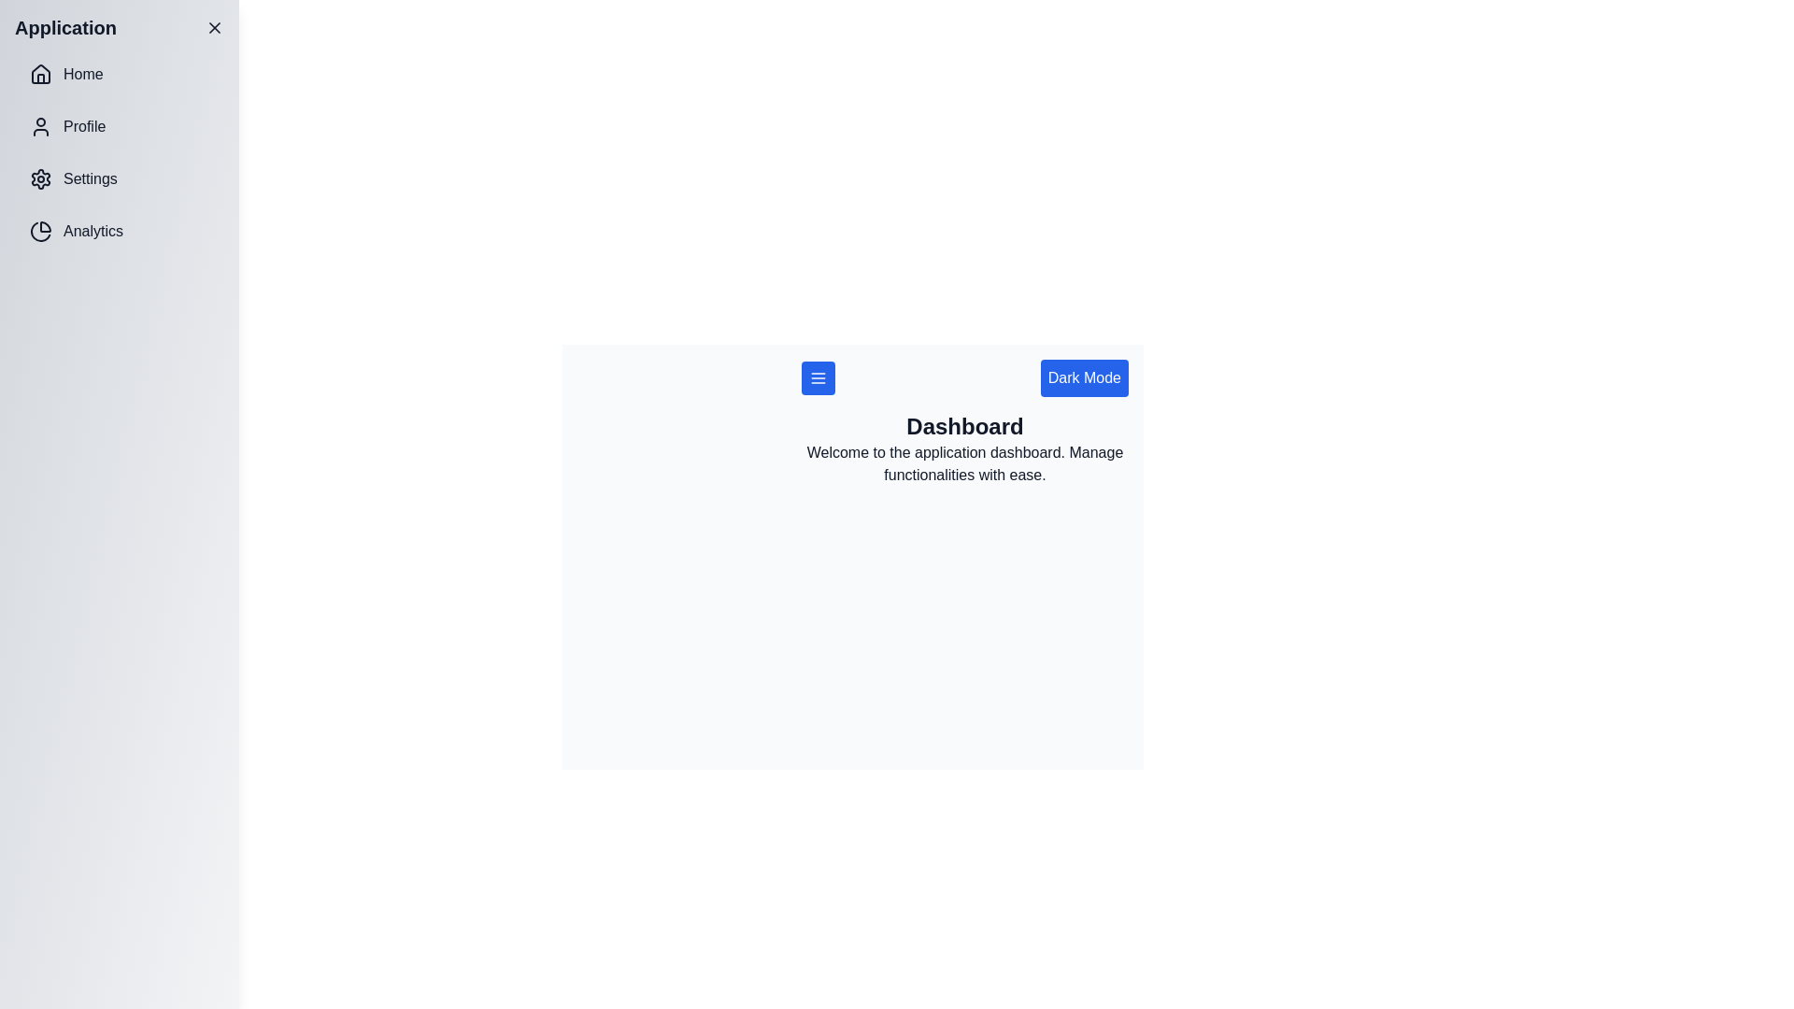 The image size is (1794, 1009). I want to click on the 'Analytics' text label in the vertical menu bar, so click(93, 230).